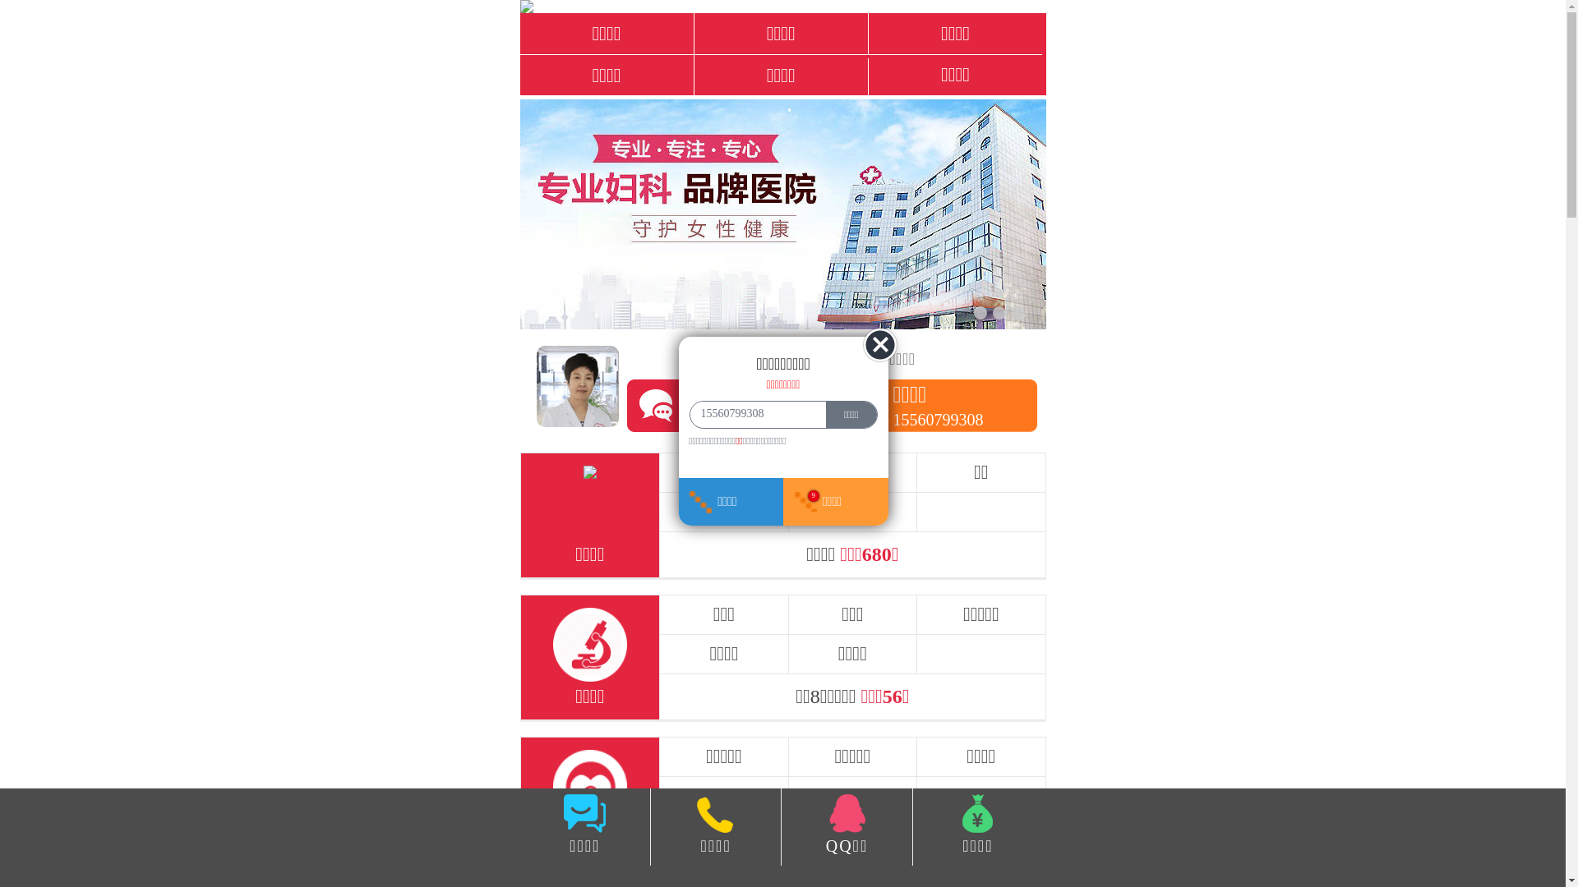 Image resolution: width=1578 pixels, height=887 pixels. I want to click on '15560799308 ', so click(753, 413).